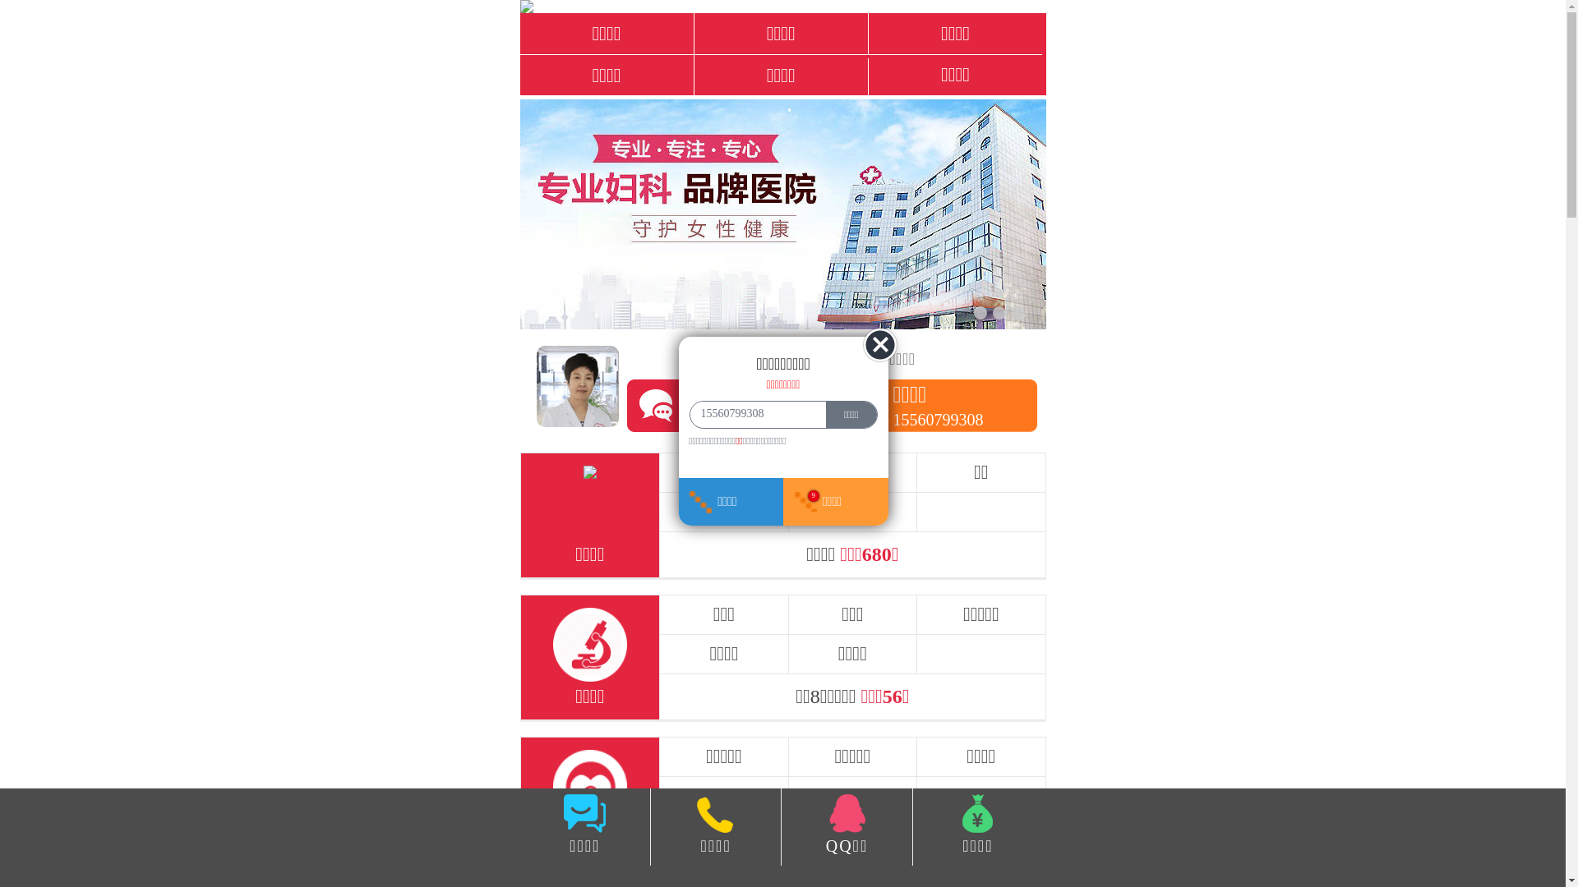 Image resolution: width=1578 pixels, height=887 pixels. I want to click on '15560799308 ', so click(753, 413).